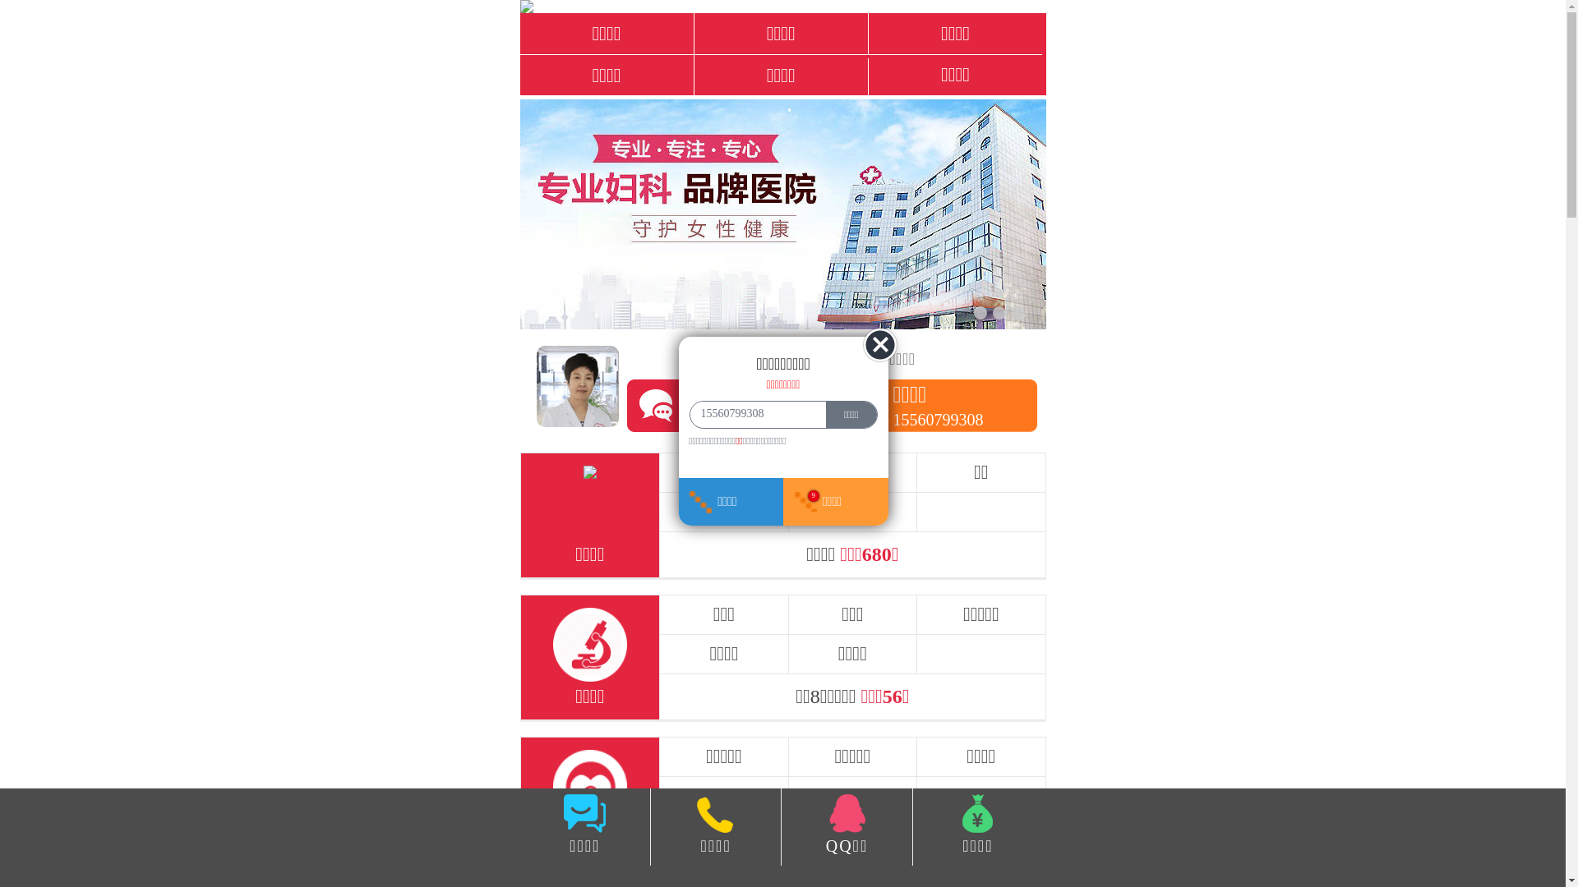 Image resolution: width=1578 pixels, height=887 pixels. I want to click on '15560799308 ', so click(753, 413).